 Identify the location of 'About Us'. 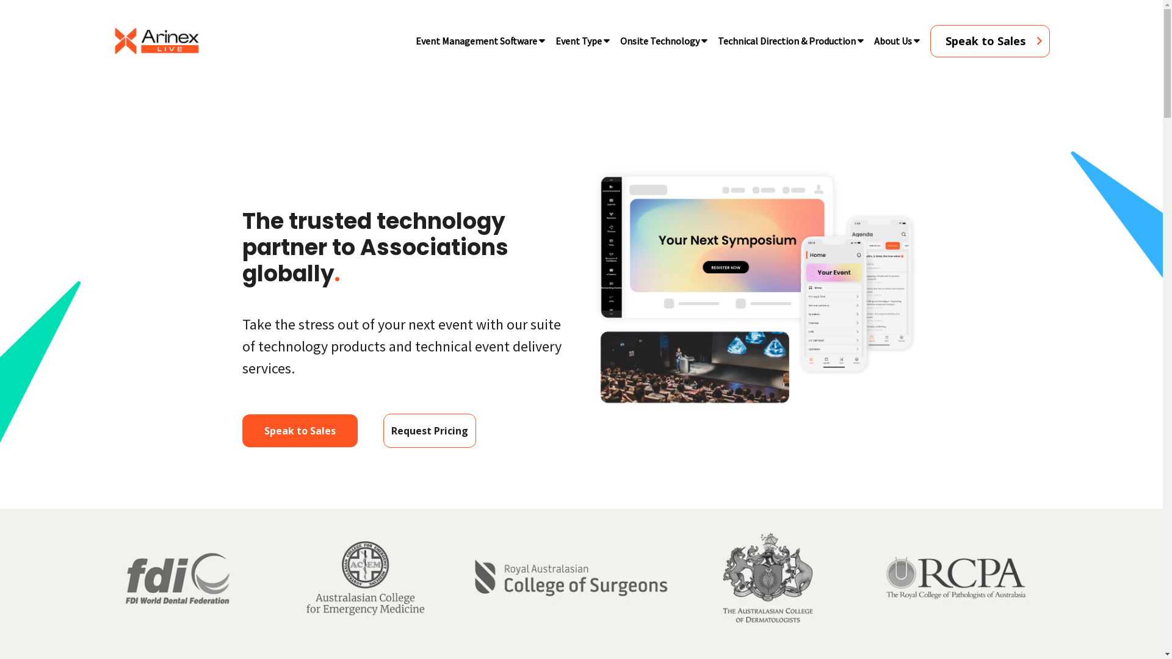
(864, 40).